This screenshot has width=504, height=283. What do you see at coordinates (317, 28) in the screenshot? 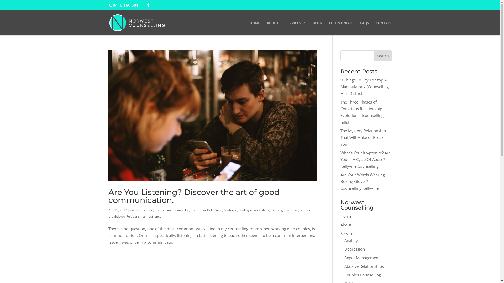
I see `'BLOG'` at bounding box center [317, 28].